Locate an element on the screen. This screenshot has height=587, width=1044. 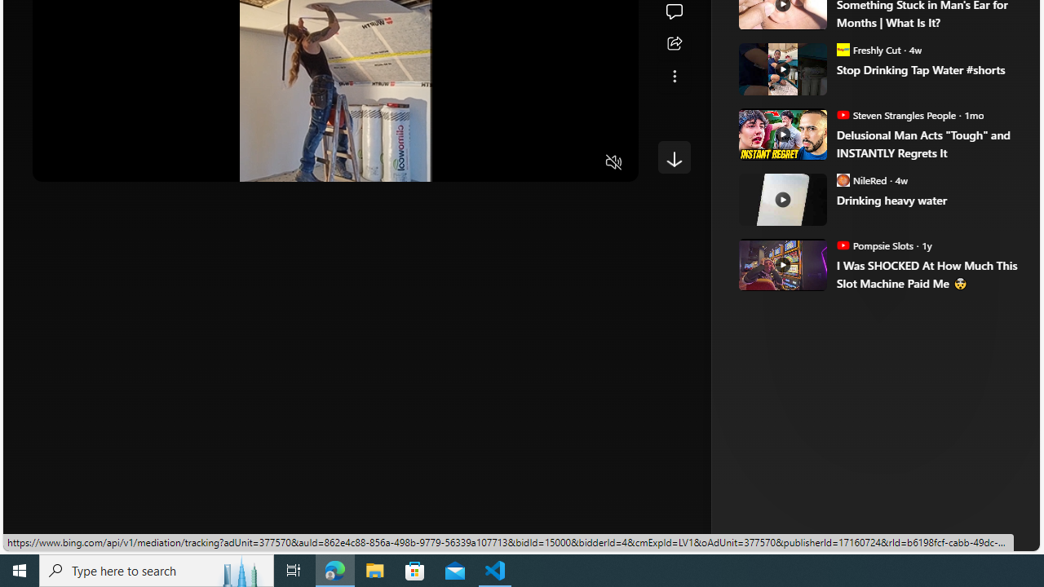
'Pompsie Slots Pompsie Slots' is located at coordinates (874, 245).